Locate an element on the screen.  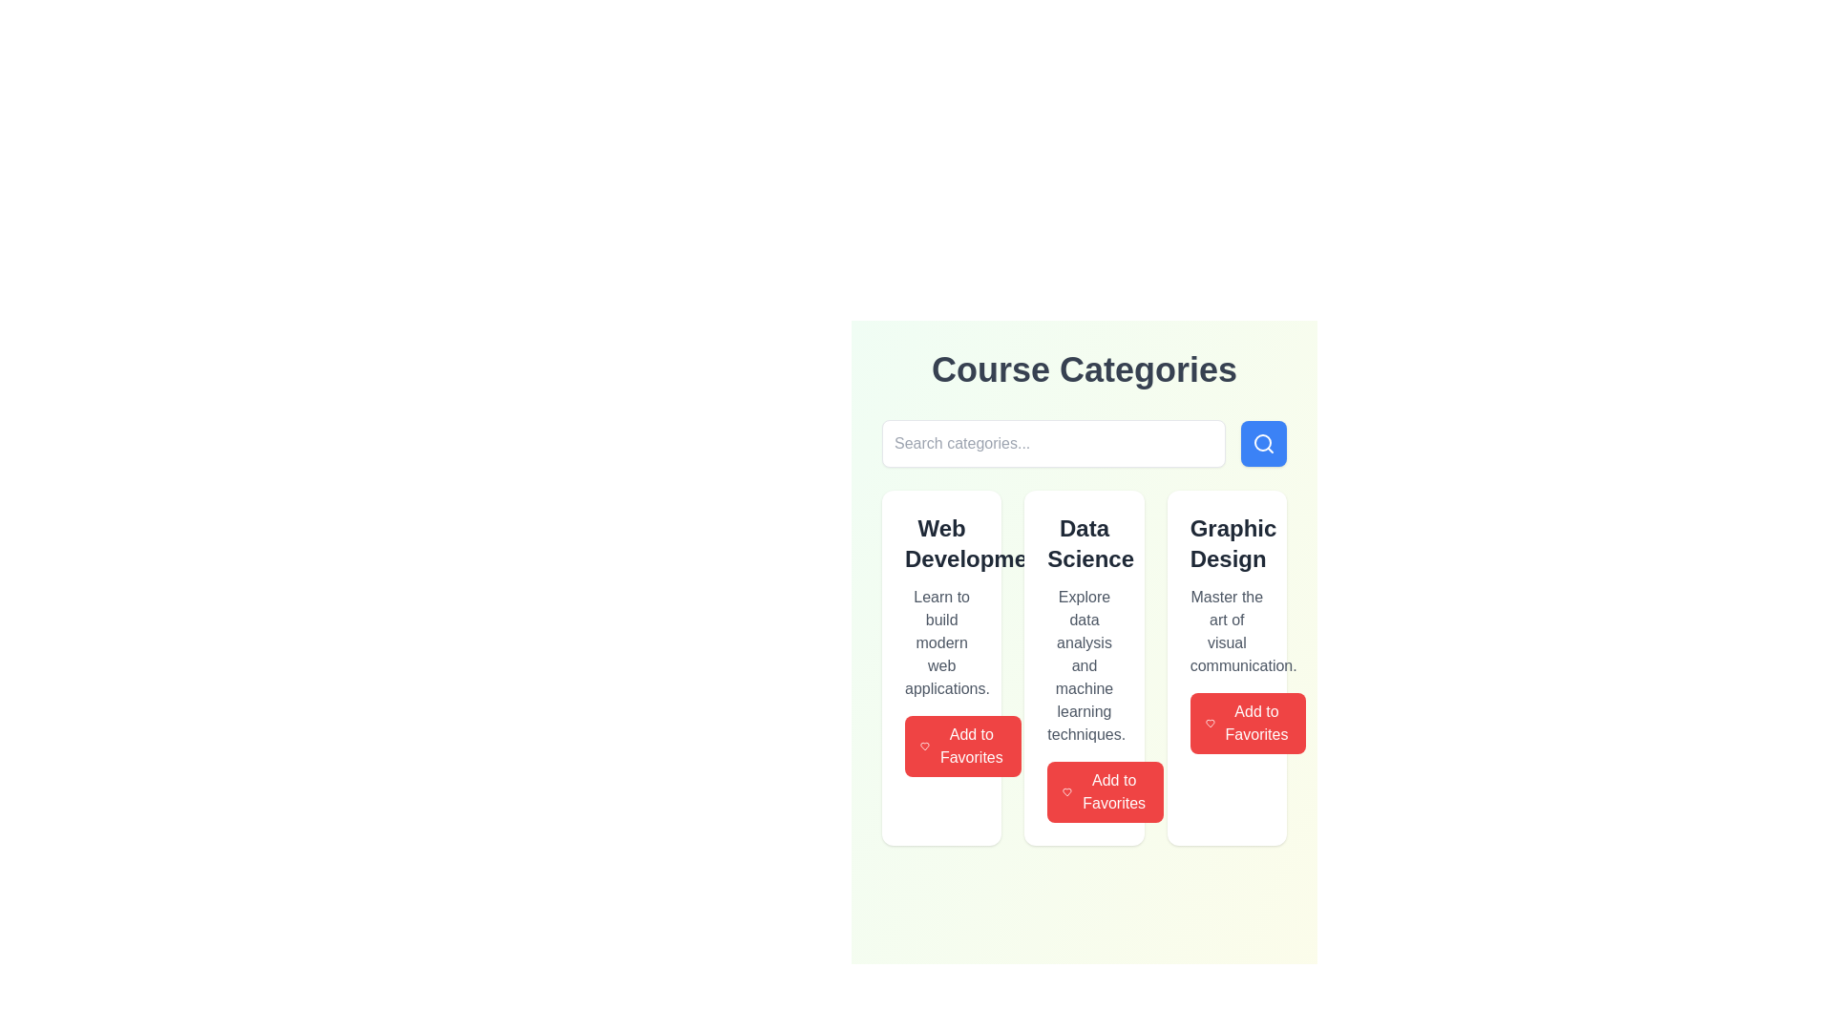
the educational card titled 'Web Development' in the 'Course Categories' section, which is the first card in the grid layout is located at coordinates (941, 666).